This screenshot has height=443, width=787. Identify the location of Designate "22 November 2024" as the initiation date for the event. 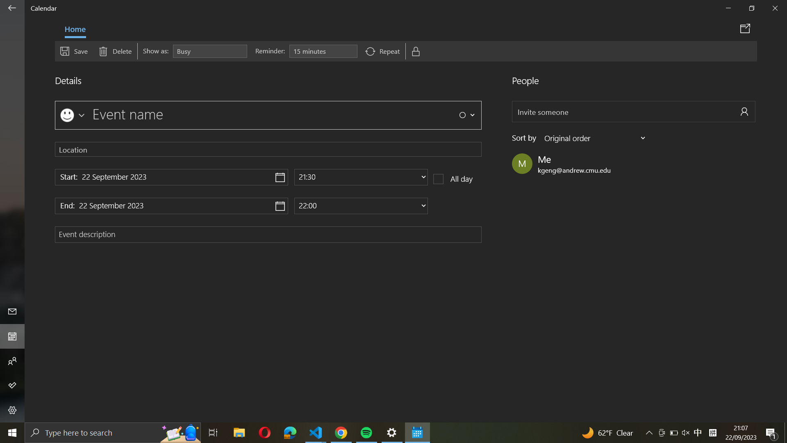
(171, 177).